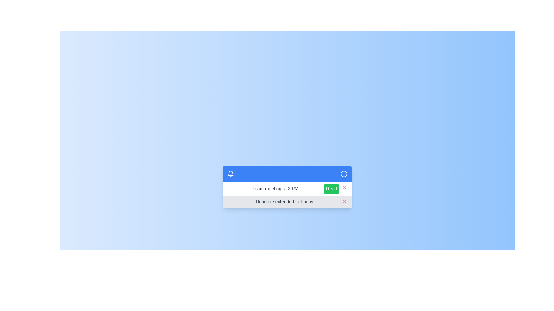 The width and height of the screenshot is (554, 311). What do you see at coordinates (231, 173) in the screenshot?
I see `the lower section of the blue bell-shaped icon located in the top-left corner of the notification interface panel` at bounding box center [231, 173].